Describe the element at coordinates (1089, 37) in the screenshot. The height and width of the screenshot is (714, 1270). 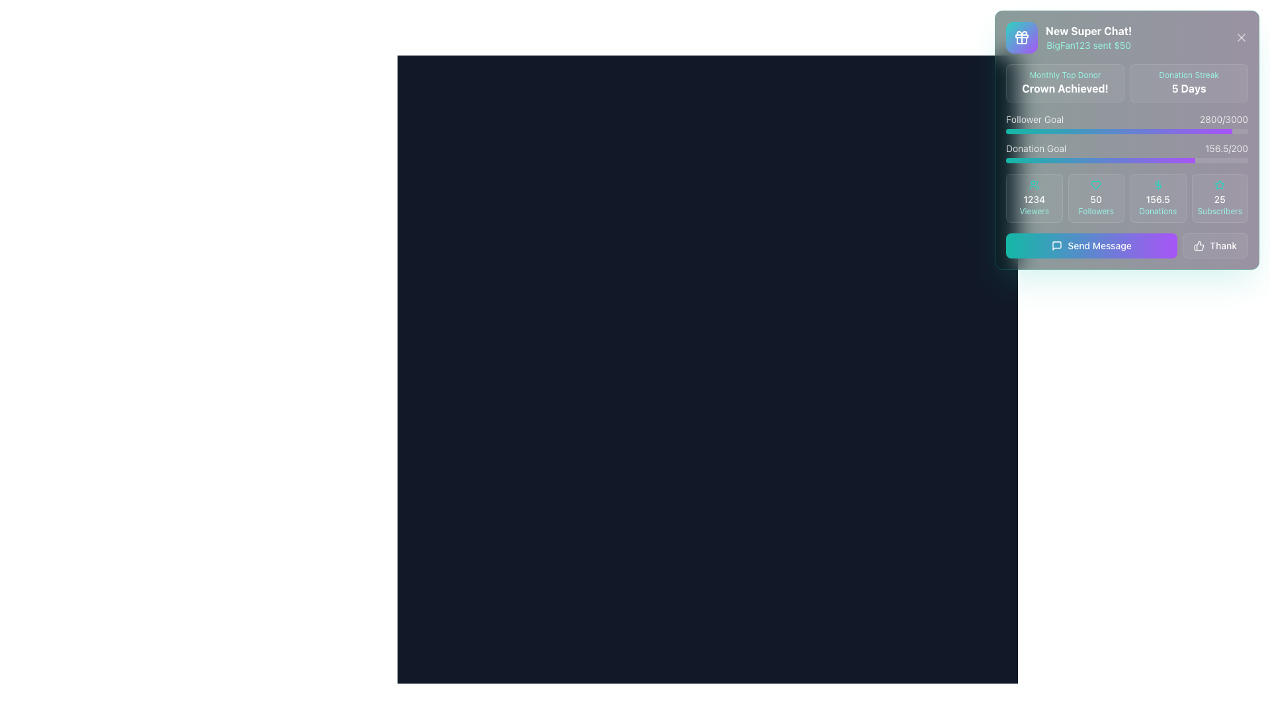
I see `the 'Super Chat' notification text block displaying the username and amount sent, located at the top of the popup card on the right side of the interface` at that location.